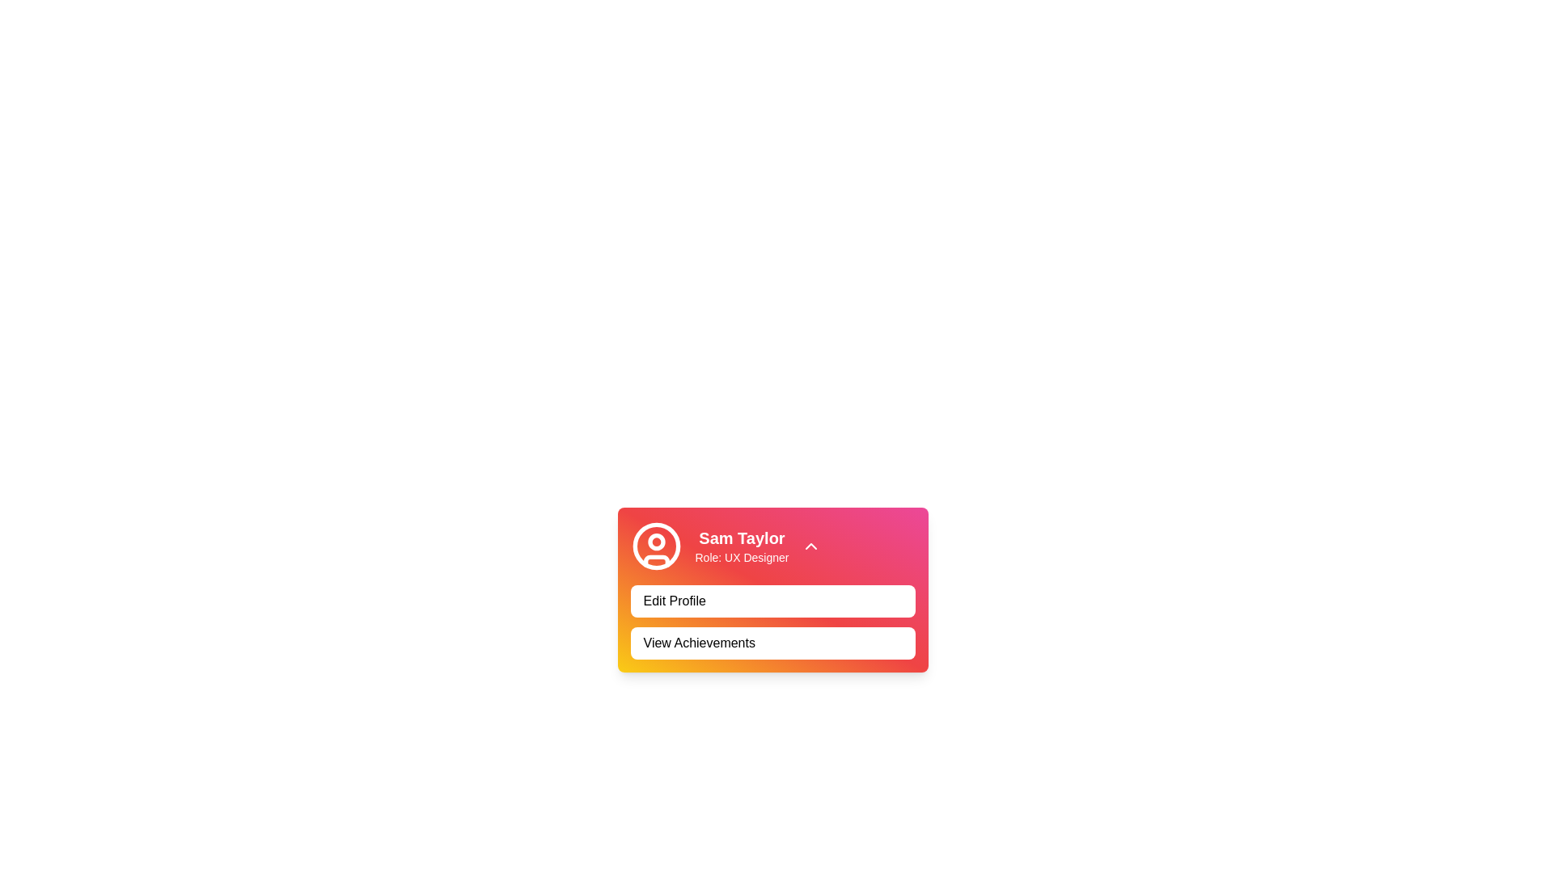 The width and height of the screenshot is (1553, 873). Describe the element at coordinates (741, 557) in the screenshot. I see `the text label that reads 'Role: UX Designer', which is styled with a red background and white text, positioned below 'Sam Taylor' in the card's title section` at that location.